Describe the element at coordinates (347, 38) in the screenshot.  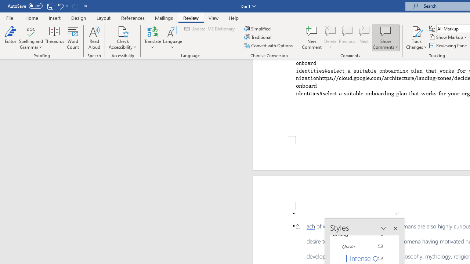
I see `'Previous'` at that location.